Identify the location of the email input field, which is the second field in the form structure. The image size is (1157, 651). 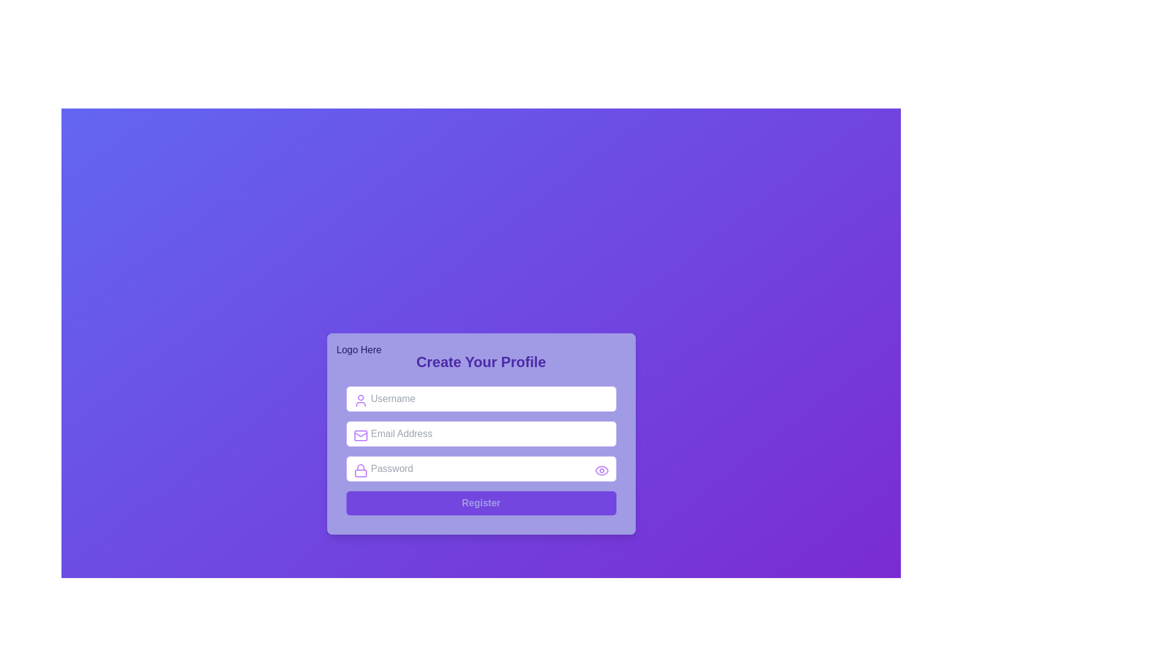
(480, 434).